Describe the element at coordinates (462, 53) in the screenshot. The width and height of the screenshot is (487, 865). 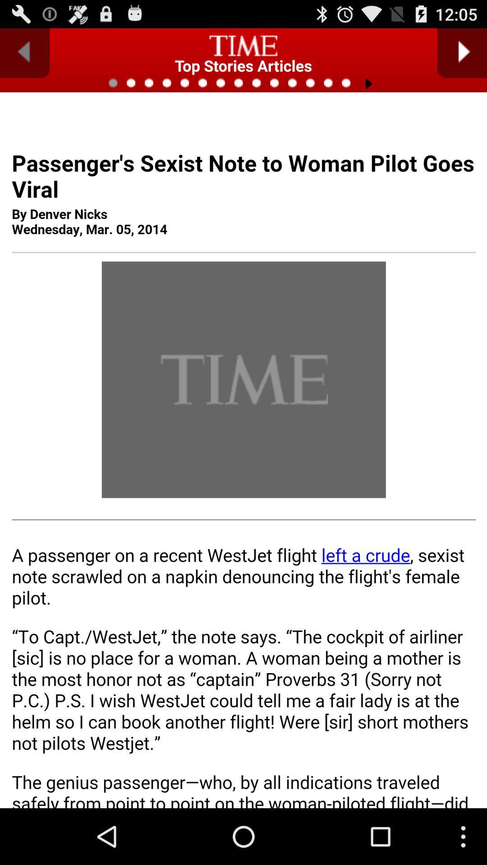
I see `go next button` at that location.